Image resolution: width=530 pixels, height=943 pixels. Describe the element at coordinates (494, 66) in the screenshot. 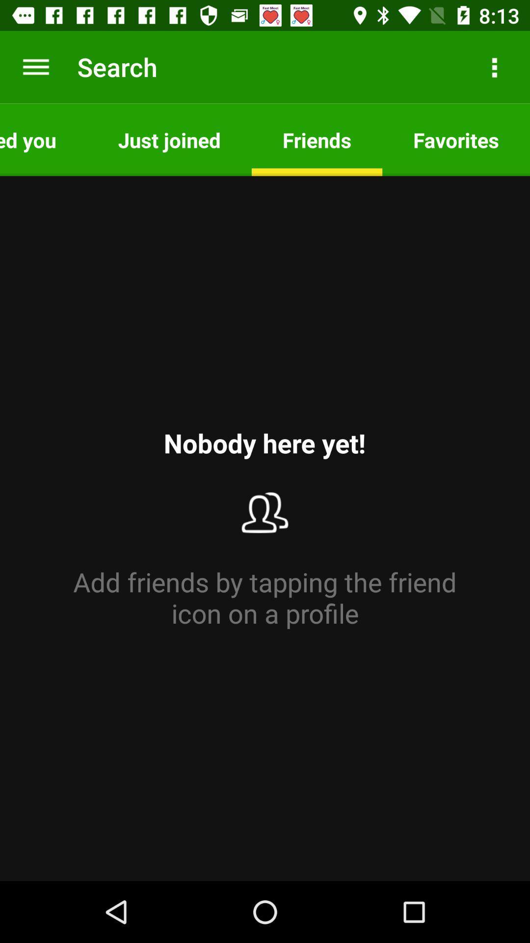

I see `the item to the right of the friends item` at that location.